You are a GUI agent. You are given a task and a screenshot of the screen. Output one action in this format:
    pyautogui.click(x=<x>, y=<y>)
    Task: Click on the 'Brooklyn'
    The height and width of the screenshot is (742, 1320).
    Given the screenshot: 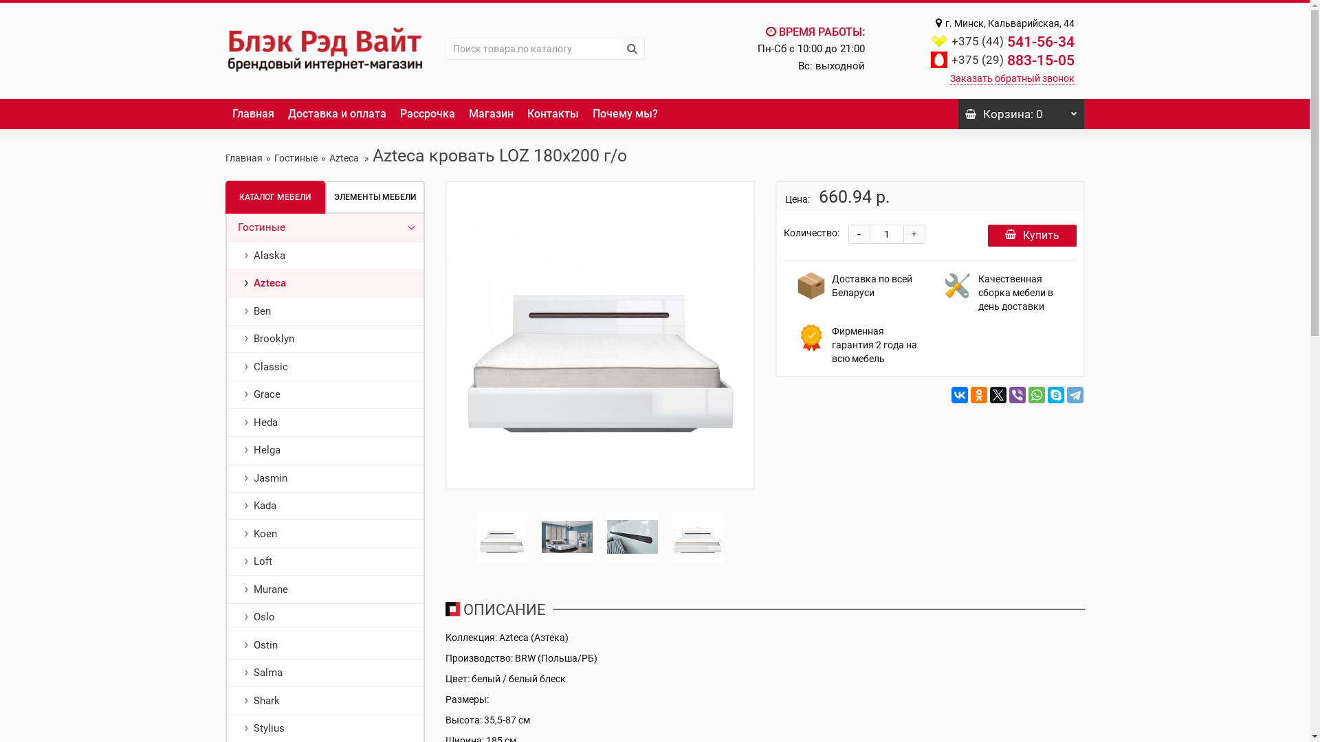 What is the action you would take?
    pyautogui.click(x=324, y=339)
    